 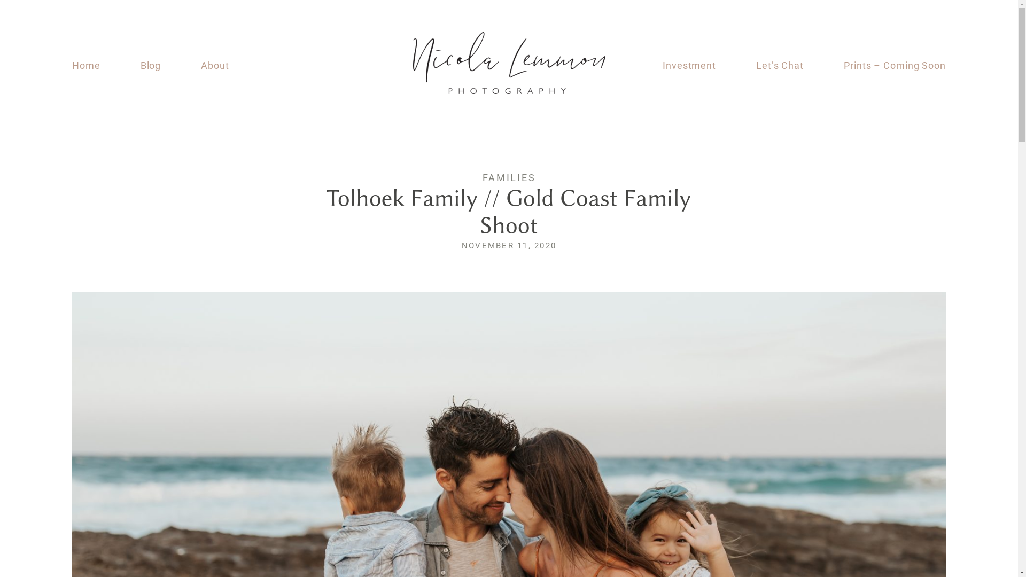 I want to click on 'FAMILIES', so click(x=509, y=177).